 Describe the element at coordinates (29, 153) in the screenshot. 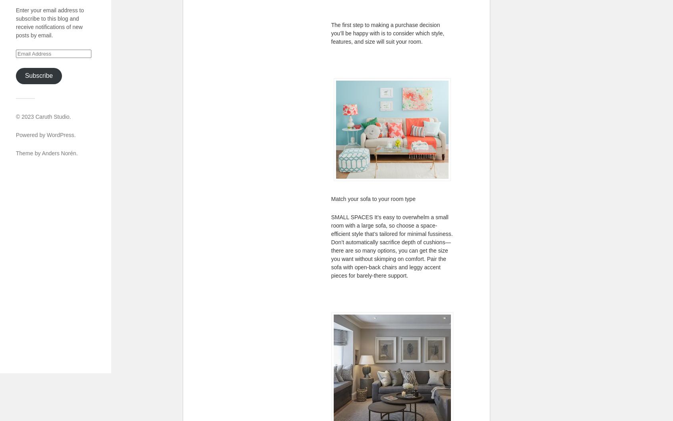

I see `'Theme by'` at that location.